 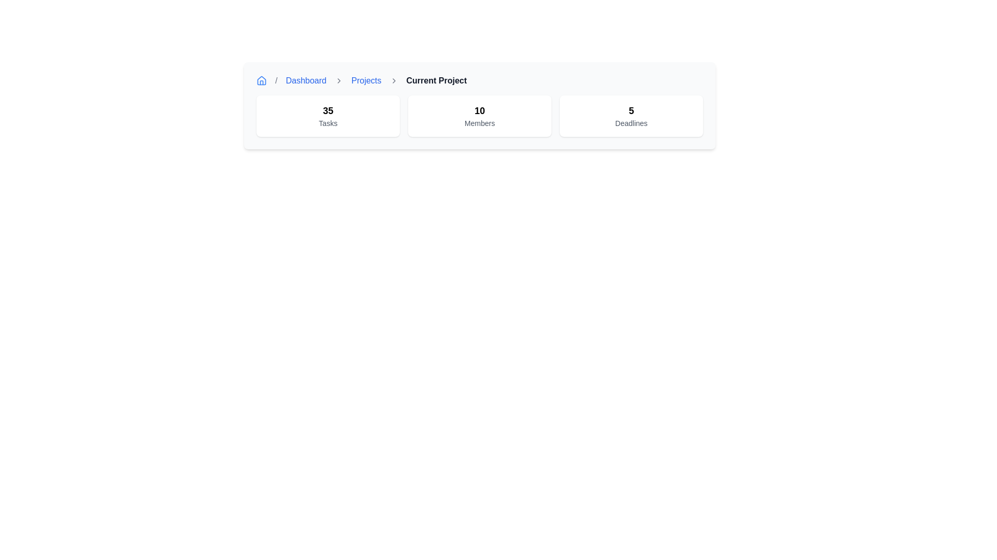 I want to click on the 'Dashboard', 'Projects', or 'Current Project' links, so click(x=479, y=80).